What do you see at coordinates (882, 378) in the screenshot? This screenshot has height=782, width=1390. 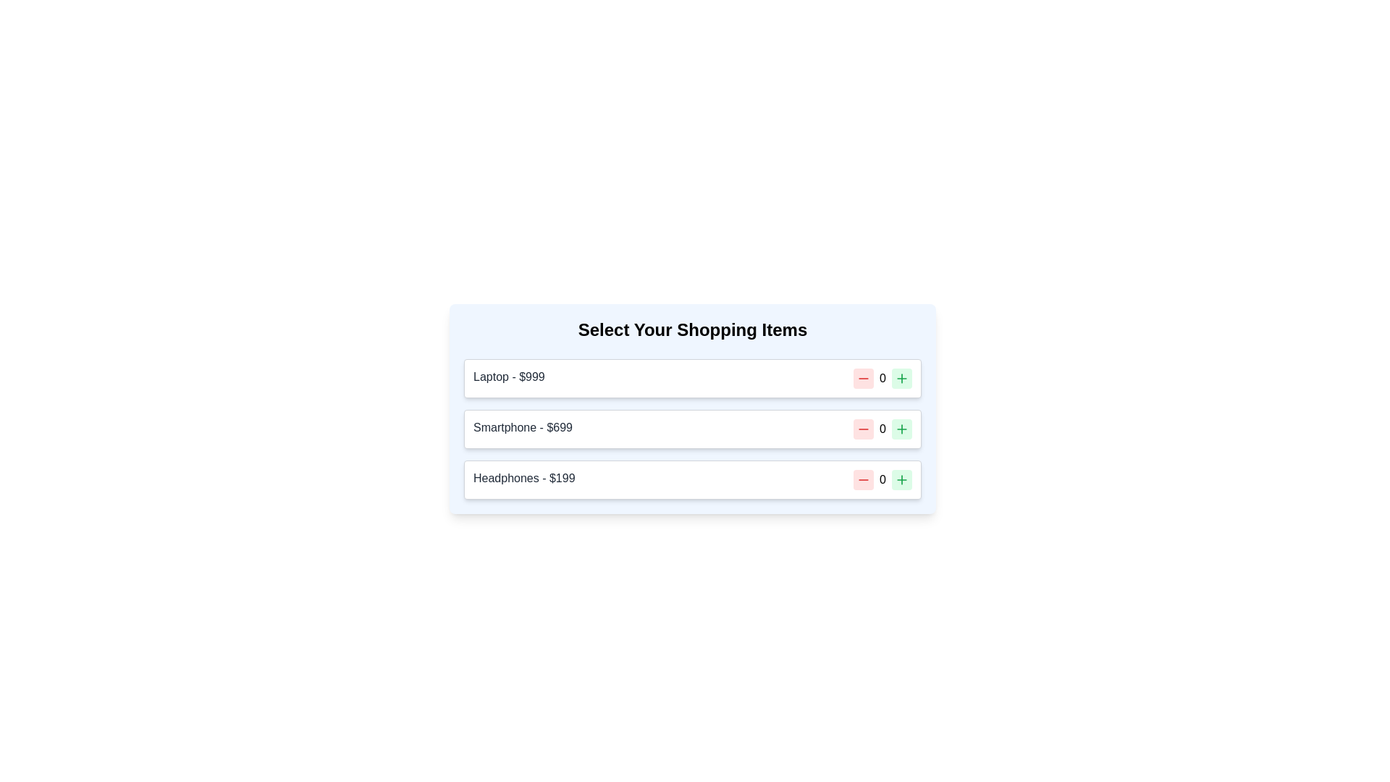 I see `the numeric text label displaying the value '0', which is located between a red icon on the left and a green icon on the right` at bounding box center [882, 378].